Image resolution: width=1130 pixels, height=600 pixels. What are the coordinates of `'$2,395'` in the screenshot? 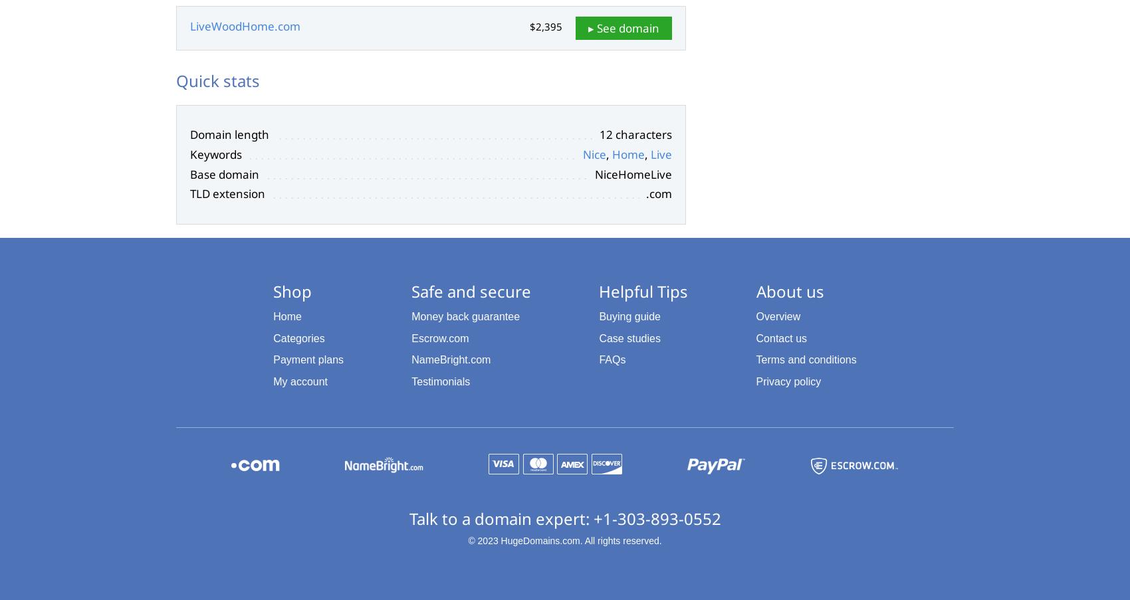 It's located at (545, 26).